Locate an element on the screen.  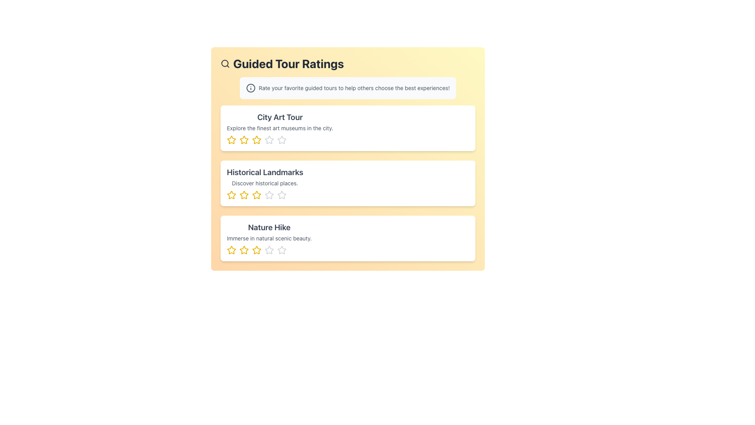
the fourth star icon in the rating component under the 'City Art Tour' section is located at coordinates (280, 139).